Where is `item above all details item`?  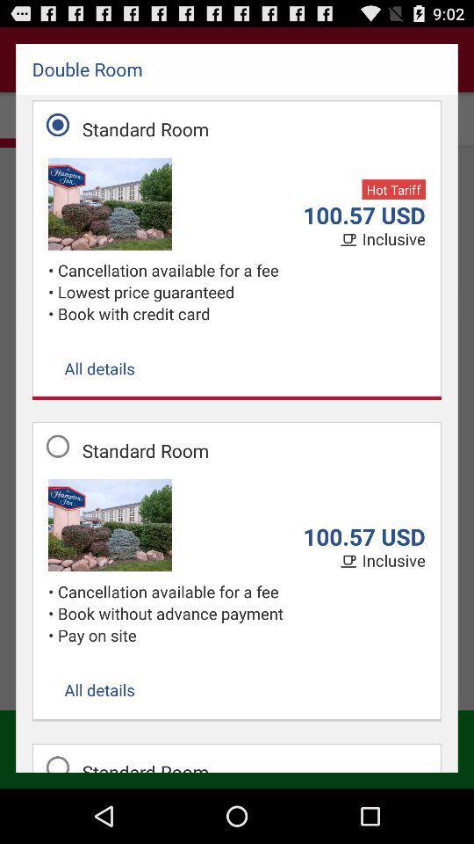
item above all details item is located at coordinates (53, 314).